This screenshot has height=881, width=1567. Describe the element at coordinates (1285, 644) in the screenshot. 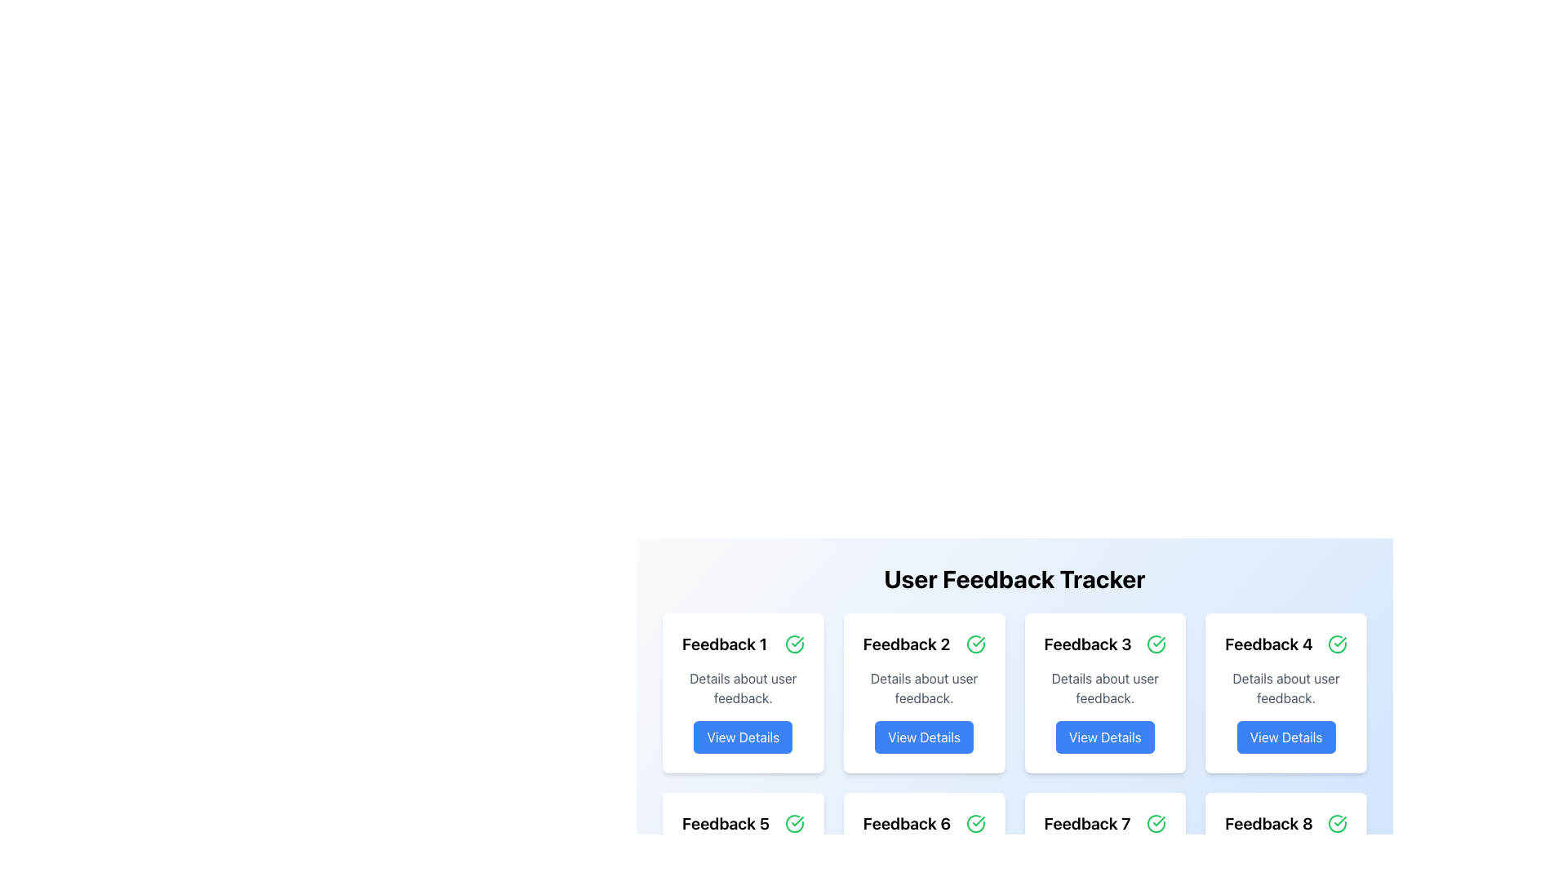

I see `the content of the Label with Icon, which displays bold text 'Feedback 4' next to a green checkmark icon in the top-right corner of a feedback card` at that location.